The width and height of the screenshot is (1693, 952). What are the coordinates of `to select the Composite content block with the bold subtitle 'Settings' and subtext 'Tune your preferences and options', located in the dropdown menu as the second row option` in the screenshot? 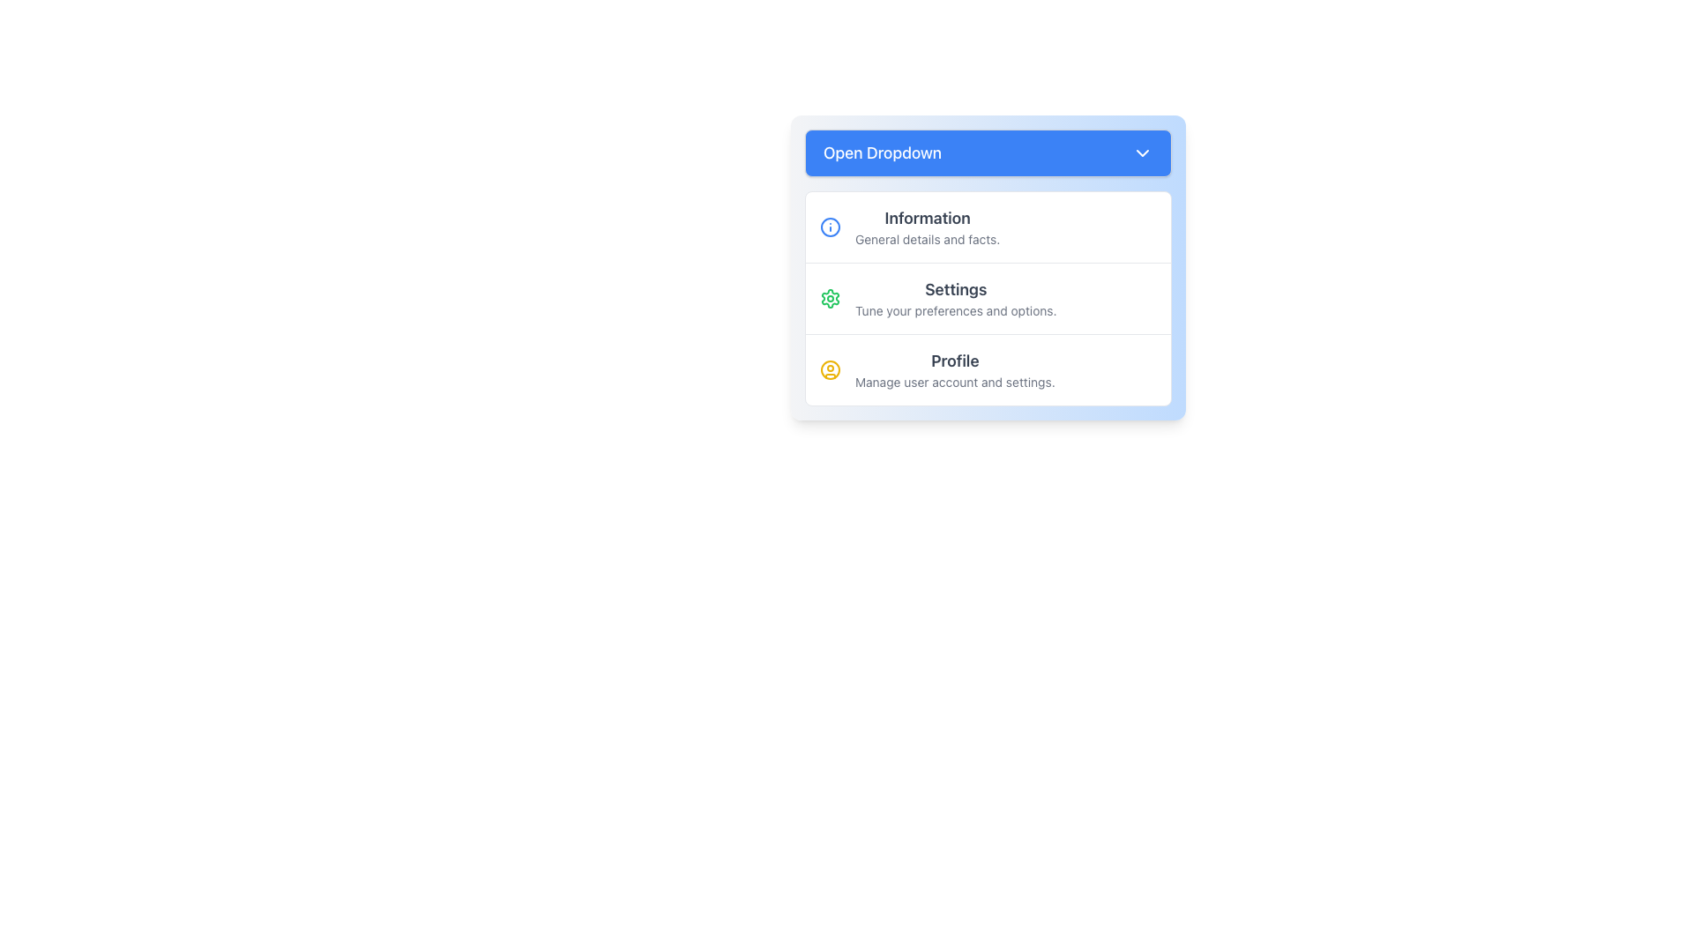 It's located at (955, 298).